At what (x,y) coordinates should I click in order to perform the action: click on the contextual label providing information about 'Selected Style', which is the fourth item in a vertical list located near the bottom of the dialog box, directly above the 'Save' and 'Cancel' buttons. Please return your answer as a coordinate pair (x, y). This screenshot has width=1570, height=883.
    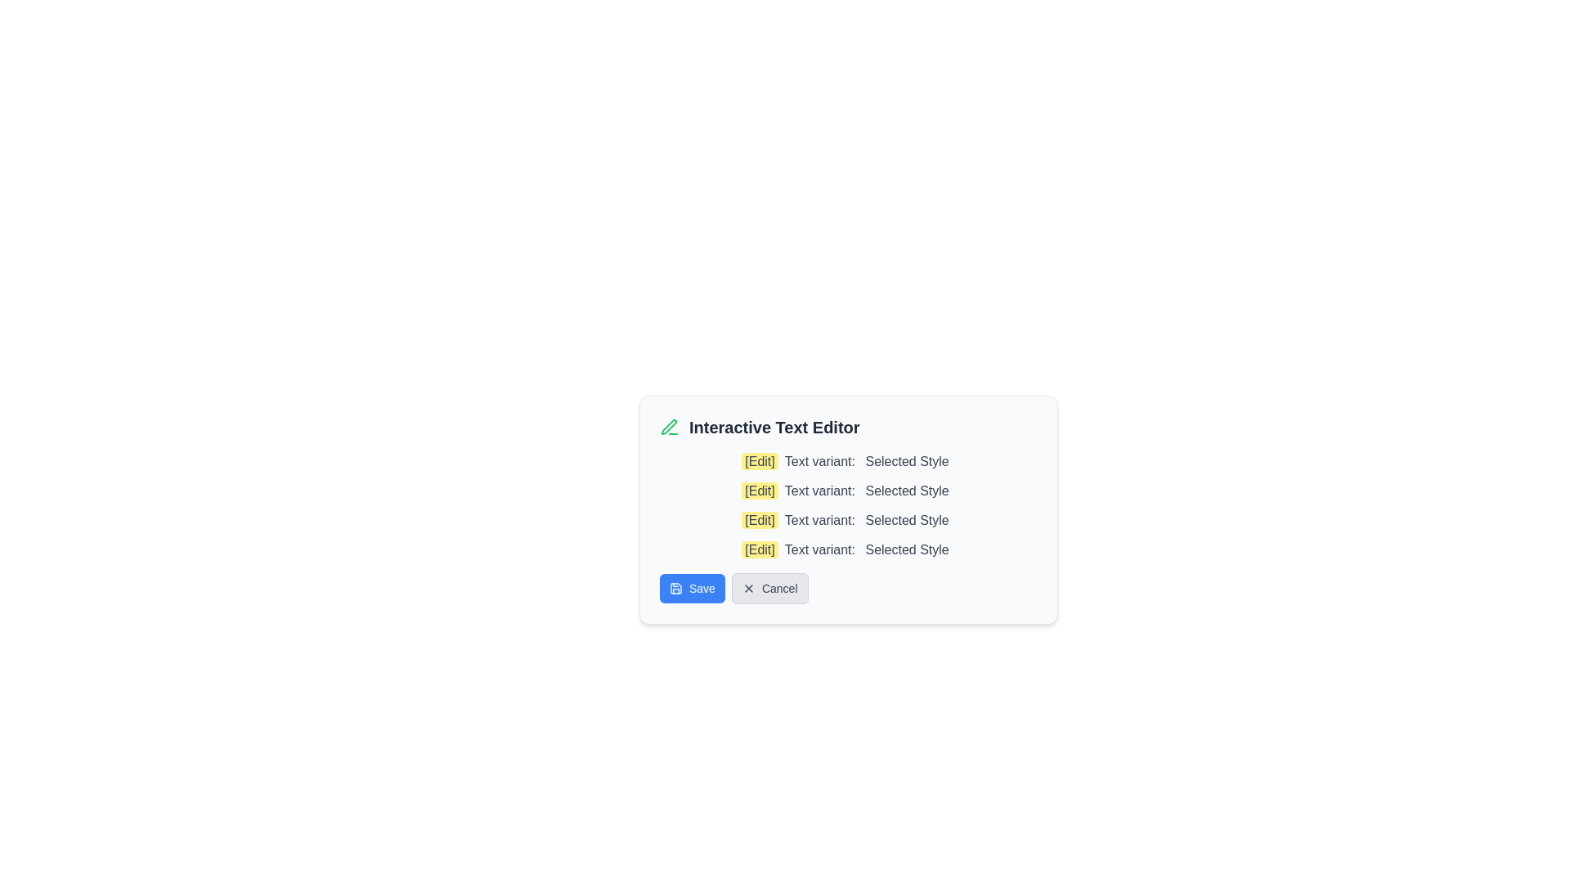
    Looking at the image, I should click on (848, 549).